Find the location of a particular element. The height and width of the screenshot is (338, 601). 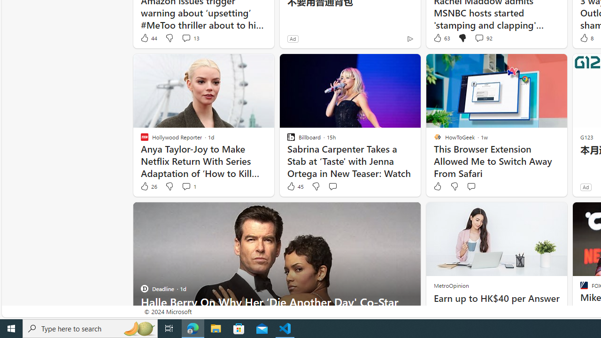

'44 Like' is located at coordinates (148, 38).